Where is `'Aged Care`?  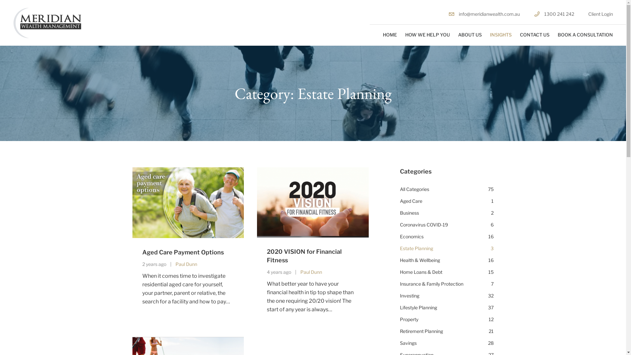 'Aged Care is located at coordinates (447, 201).